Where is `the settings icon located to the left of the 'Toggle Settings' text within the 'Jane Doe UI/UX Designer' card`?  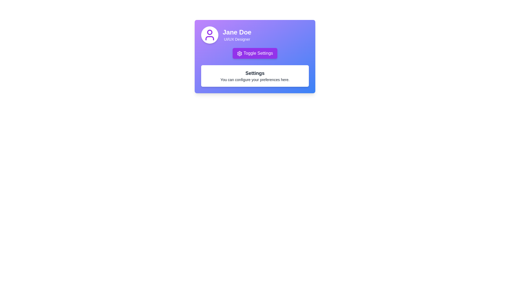 the settings icon located to the left of the 'Toggle Settings' text within the 'Jane Doe UI/UX Designer' card is located at coordinates (239, 53).